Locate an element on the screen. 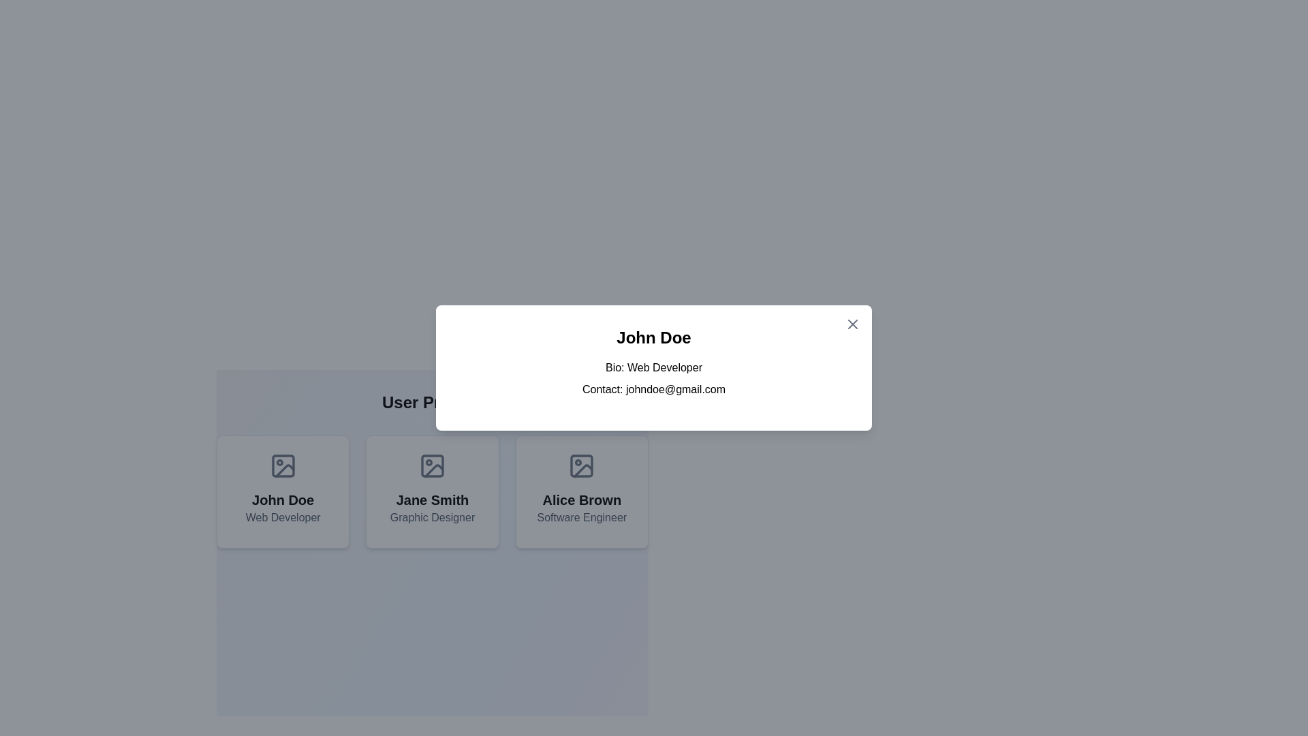 The height and width of the screenshot is (736, 1308). the profile card representing 'Jane Smith', which is the second card in a grid of three user profile cards is located at coordinates (431, 534).